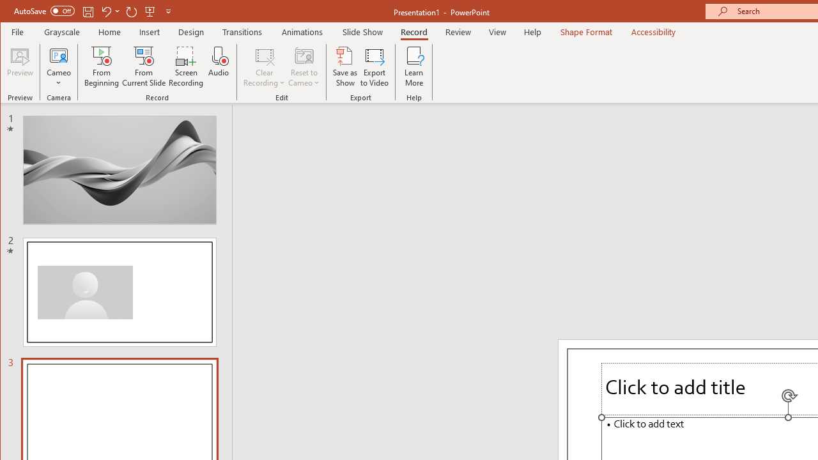 Image resolution: width=818 pixels, height=460 pixels. What do you see at coordinates (144, 66) in the screenshot?
I see `'From Current Slide...'` at bounding box center [144, 66].